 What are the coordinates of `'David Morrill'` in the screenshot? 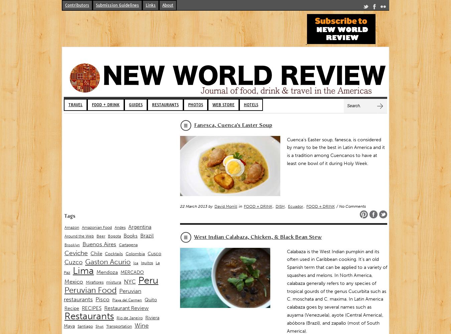 It's located at (225, 206).